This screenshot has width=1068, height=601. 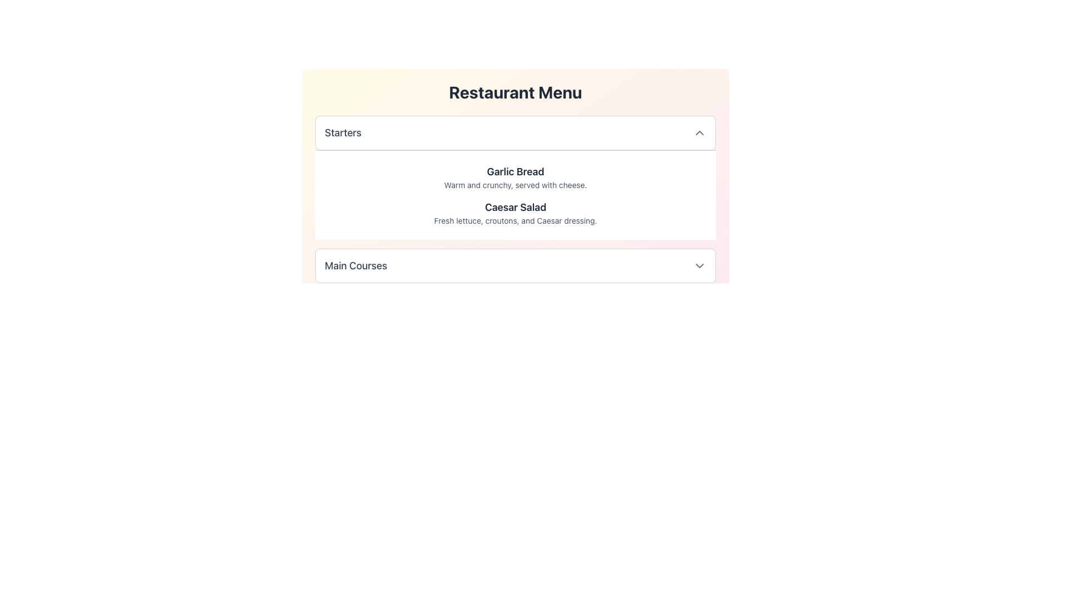 What do you see at coordinates (515, 207) in the screenshot?
I see `text label 'Caesar Salad' which is styled prominently in bold dark gray font, located in the 'Starters' section of the 'Restaurant Menu', positioned between 'Garlic Bread' and its own ingredients description` at bounding box center [515, 207].